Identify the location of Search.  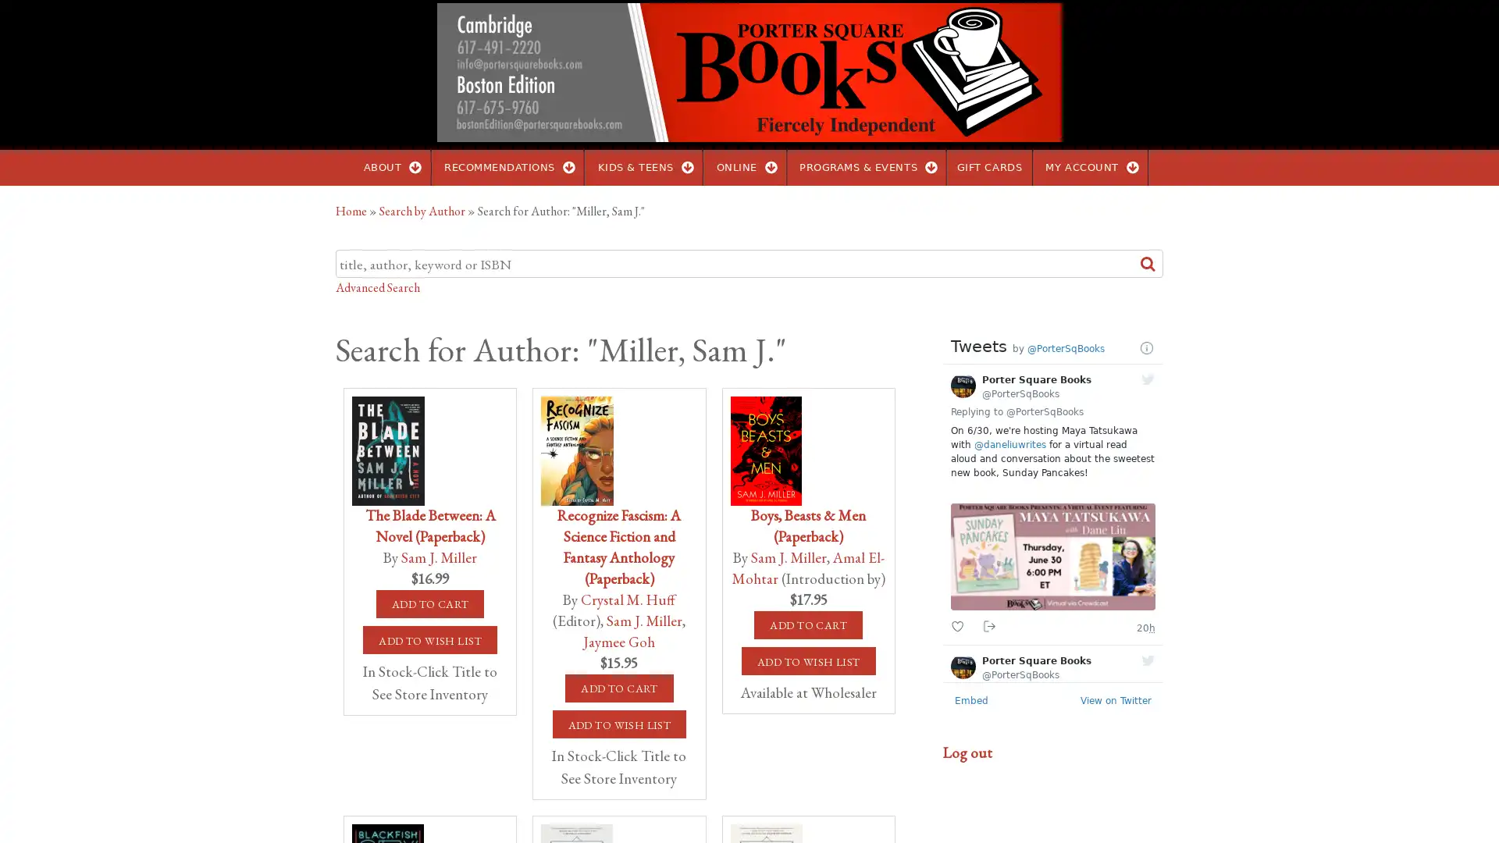
(1148, 263).